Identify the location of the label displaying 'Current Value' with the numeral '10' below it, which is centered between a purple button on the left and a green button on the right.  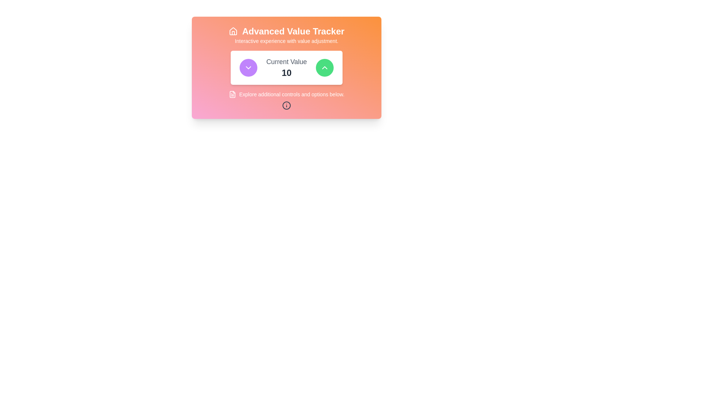
(286, 67).